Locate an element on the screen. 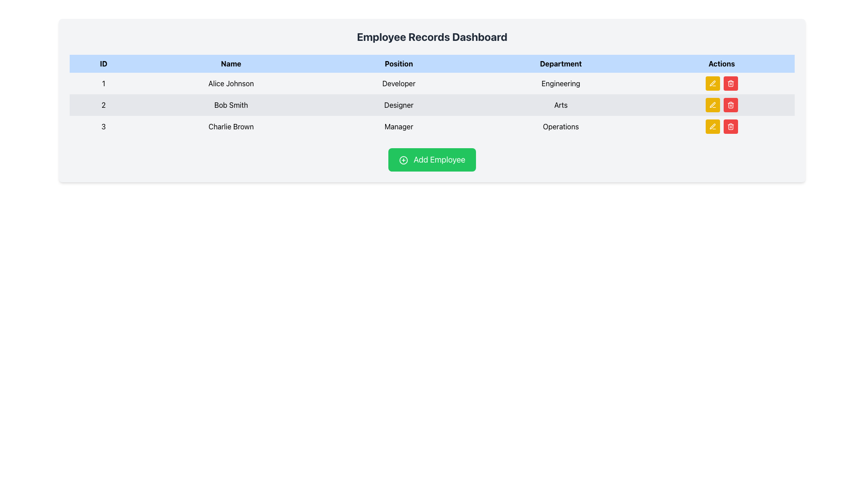 The image size is (863, 485). the small yellow pen icon button located in the second row of the table under the 'Actions' column is located at coordinates (712, 83).